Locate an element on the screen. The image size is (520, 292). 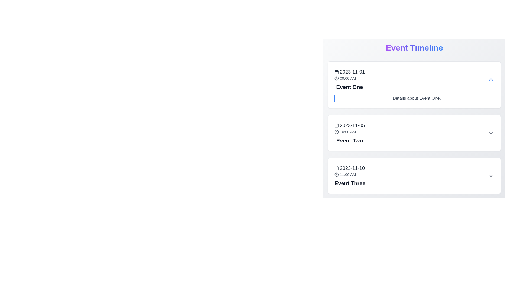
the bold text label displaying 'Event One' in a large font size, located in the first event section of the 'Event Timeline', below the date and time '2023-11-01' and '09:00 AM' is located at coordinates (350, 87).